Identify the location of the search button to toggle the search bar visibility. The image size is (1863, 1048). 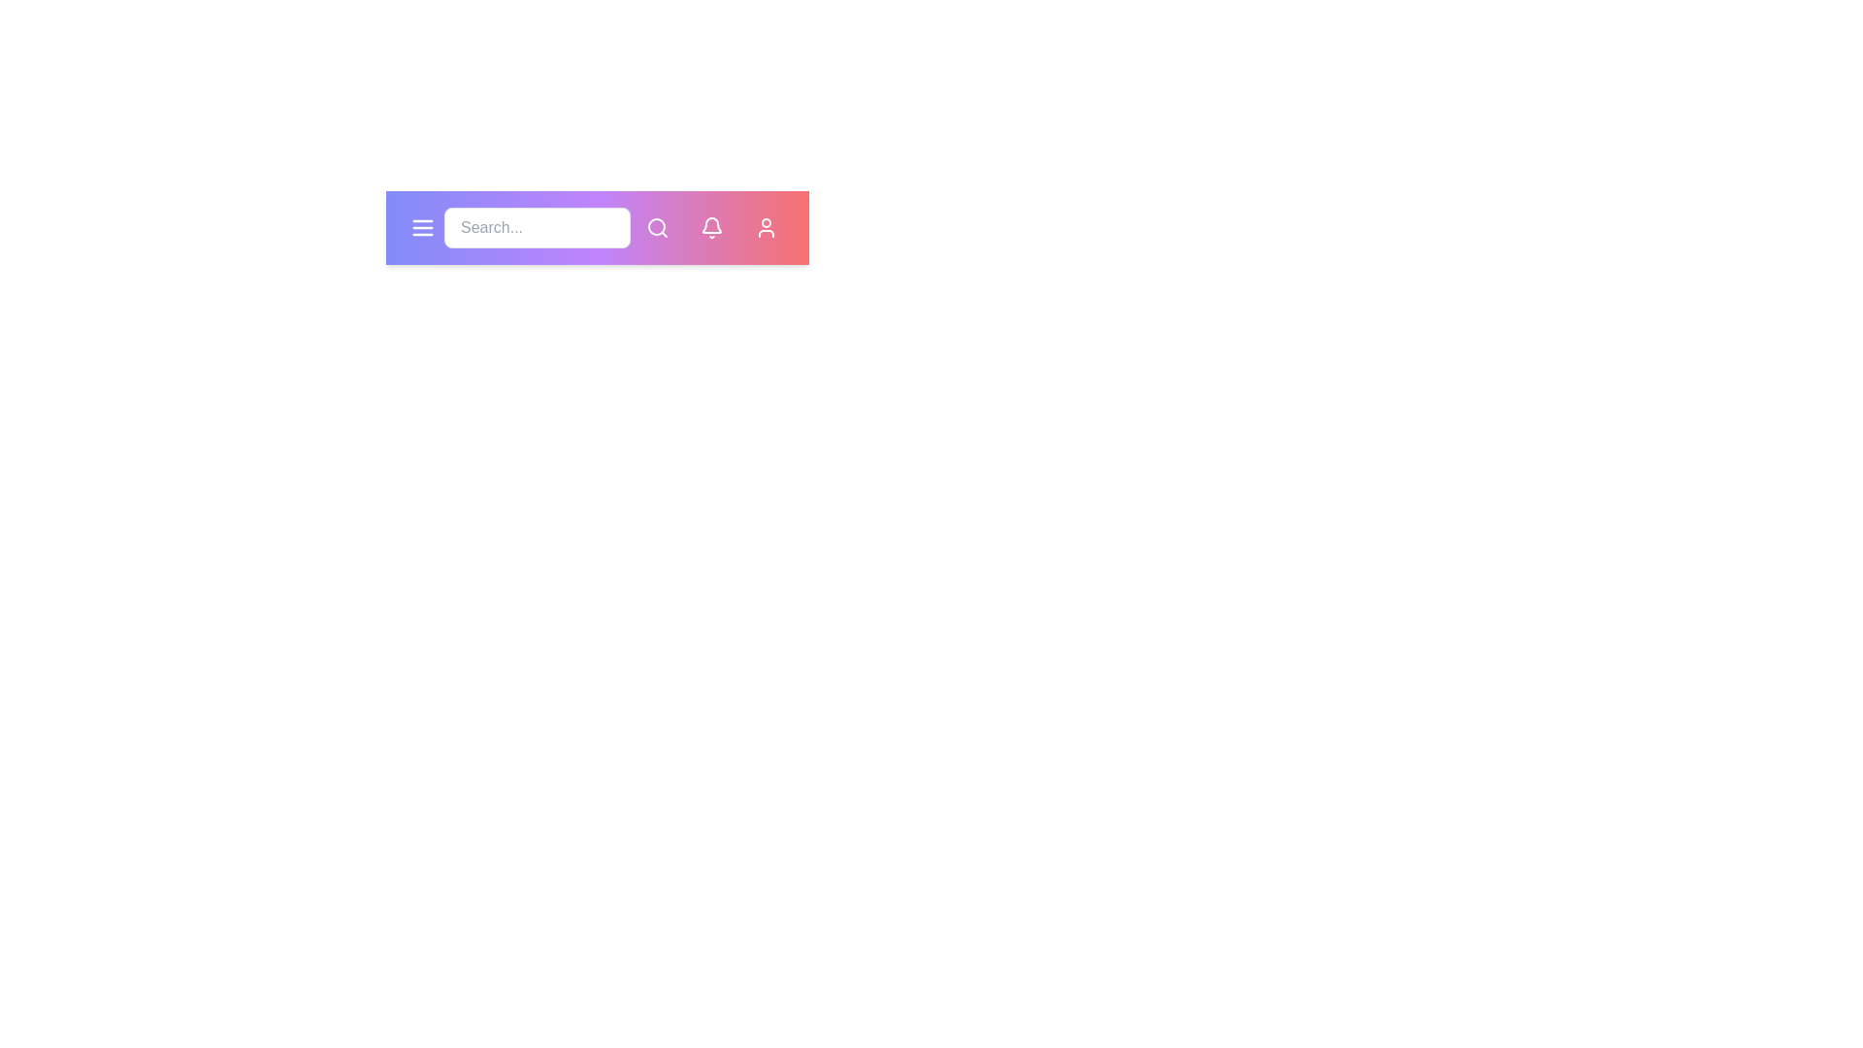
(657, 227).